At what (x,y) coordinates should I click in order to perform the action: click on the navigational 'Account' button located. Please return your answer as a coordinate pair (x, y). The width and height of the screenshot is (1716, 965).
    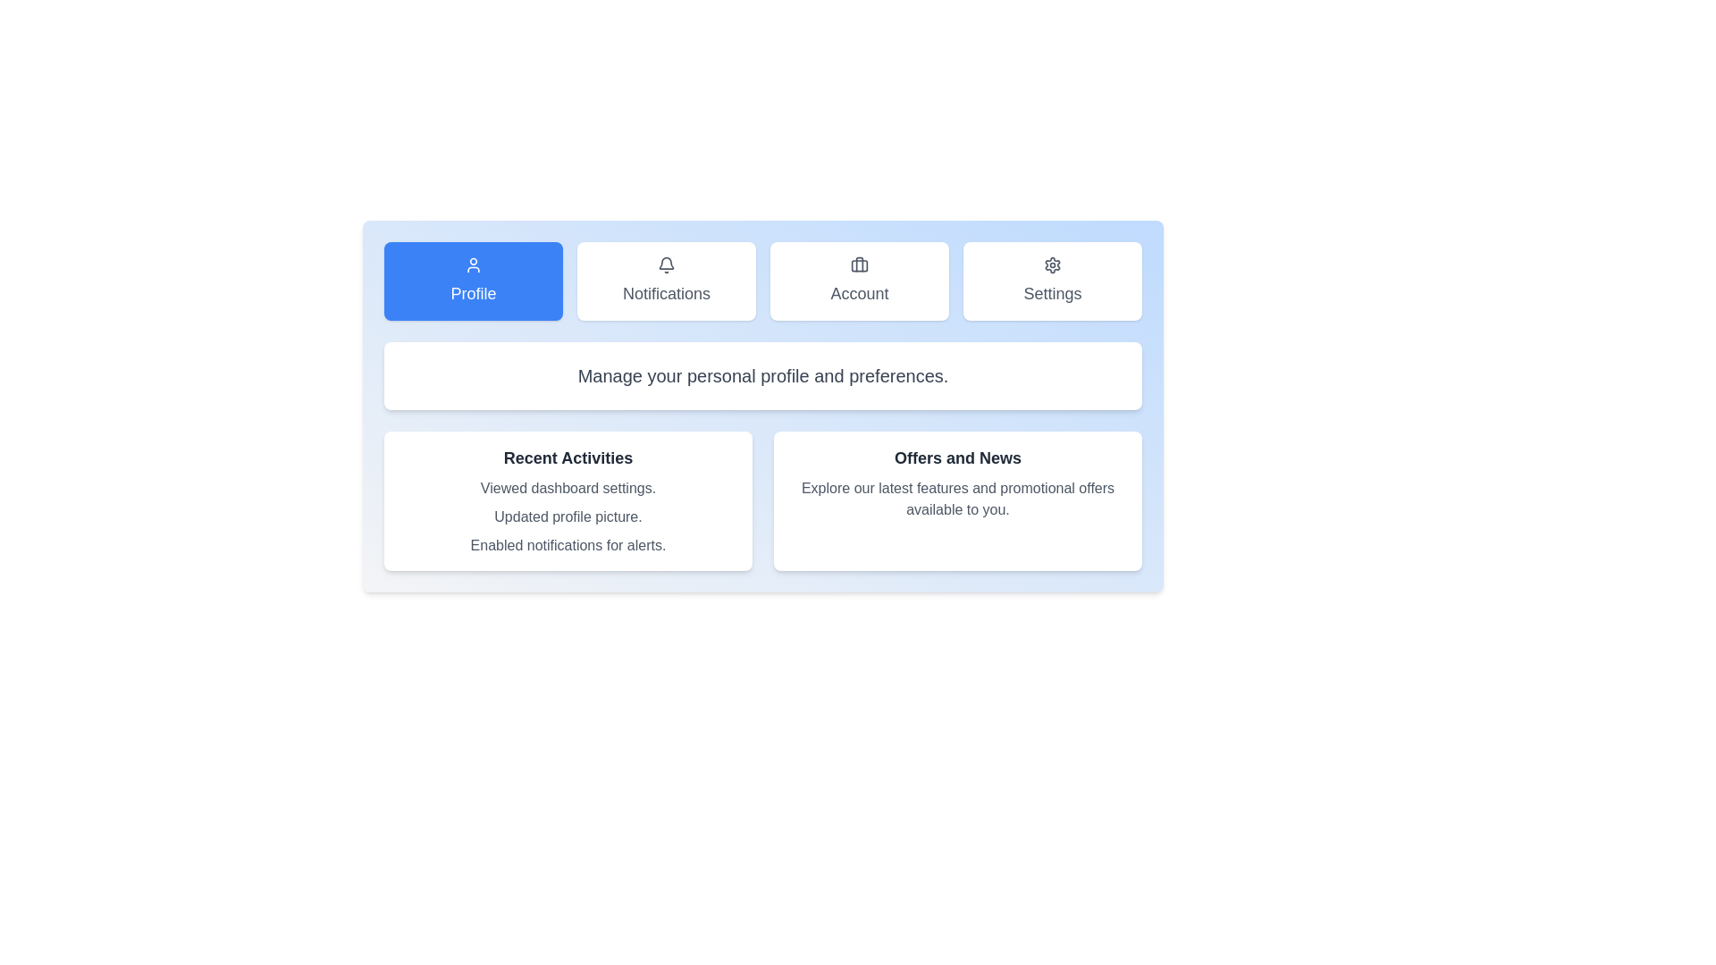
    Looking at the image, I should click on (859, 281).